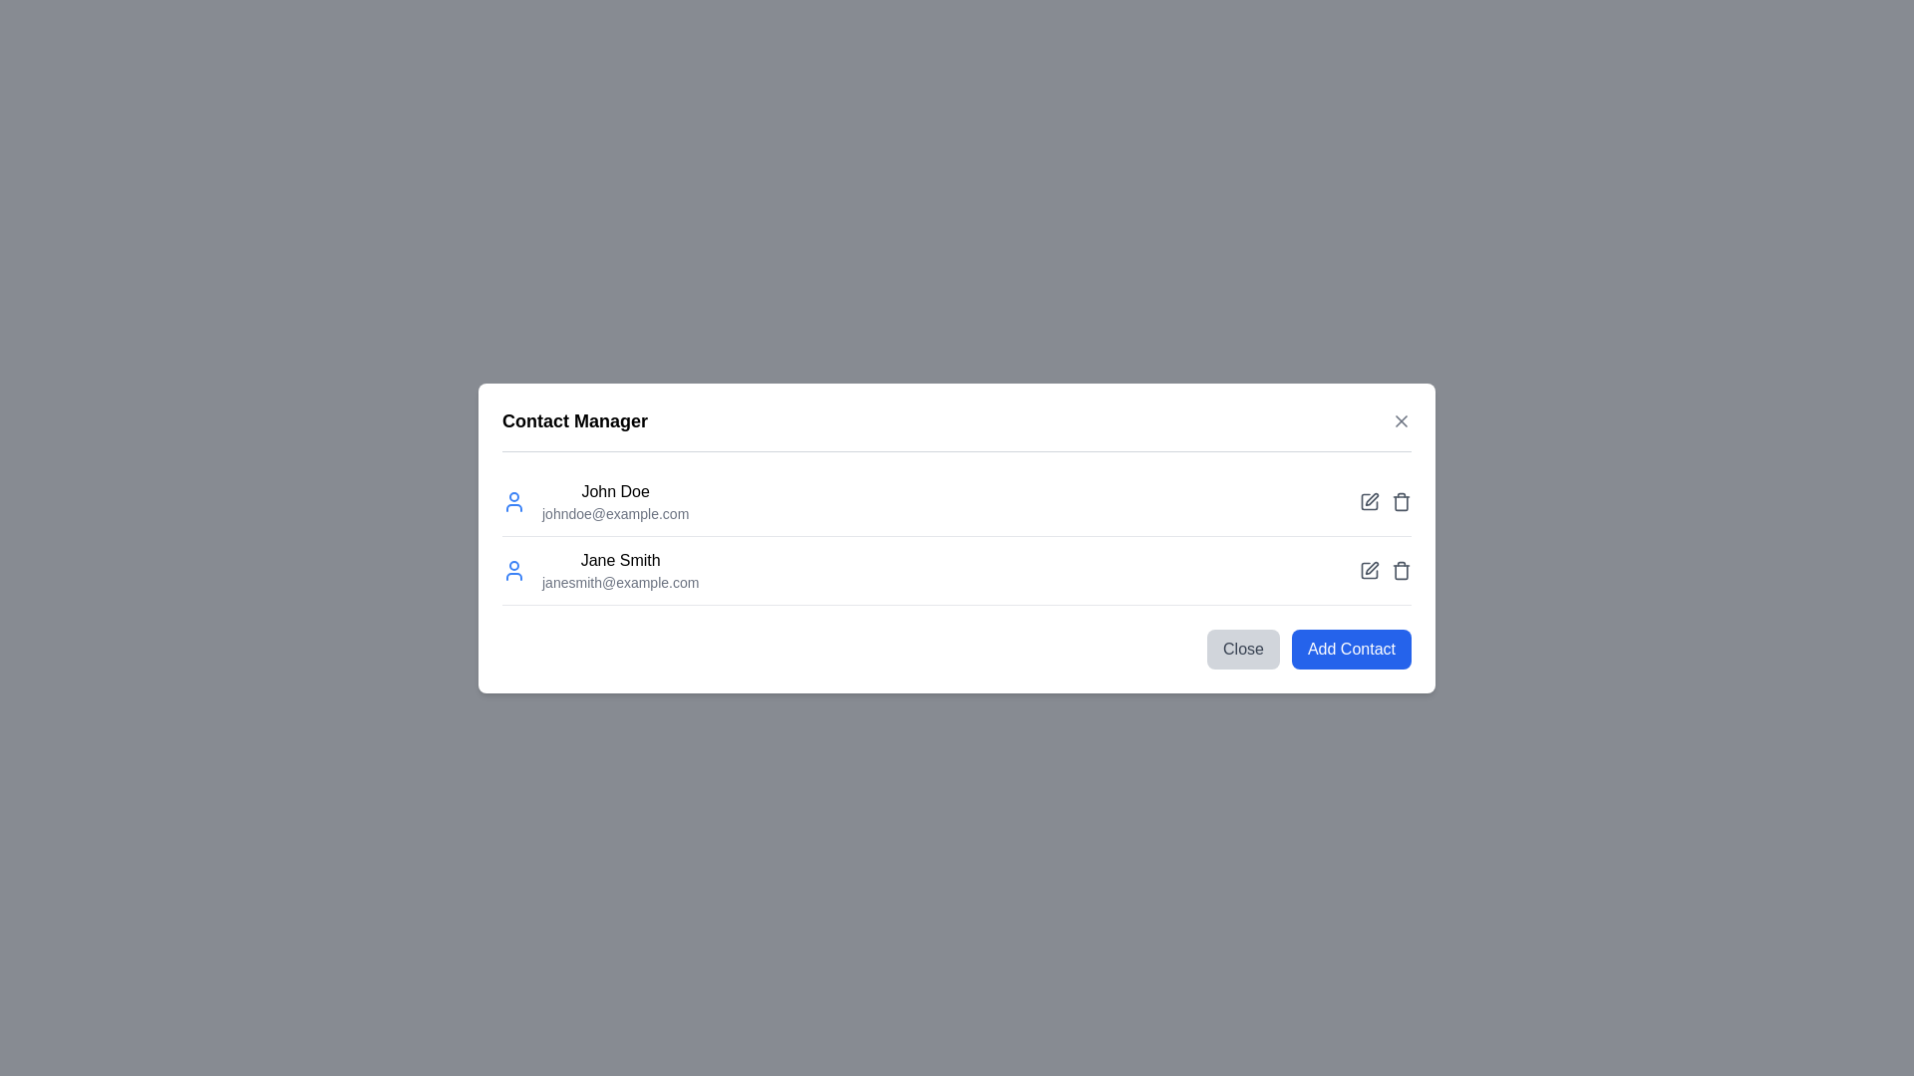  I want to click on the text block displaying the name and email address of the contact 'Jane Smith', which is located directly below 'John Doe' and to the right of a small blue user icon, so click(619, 570).